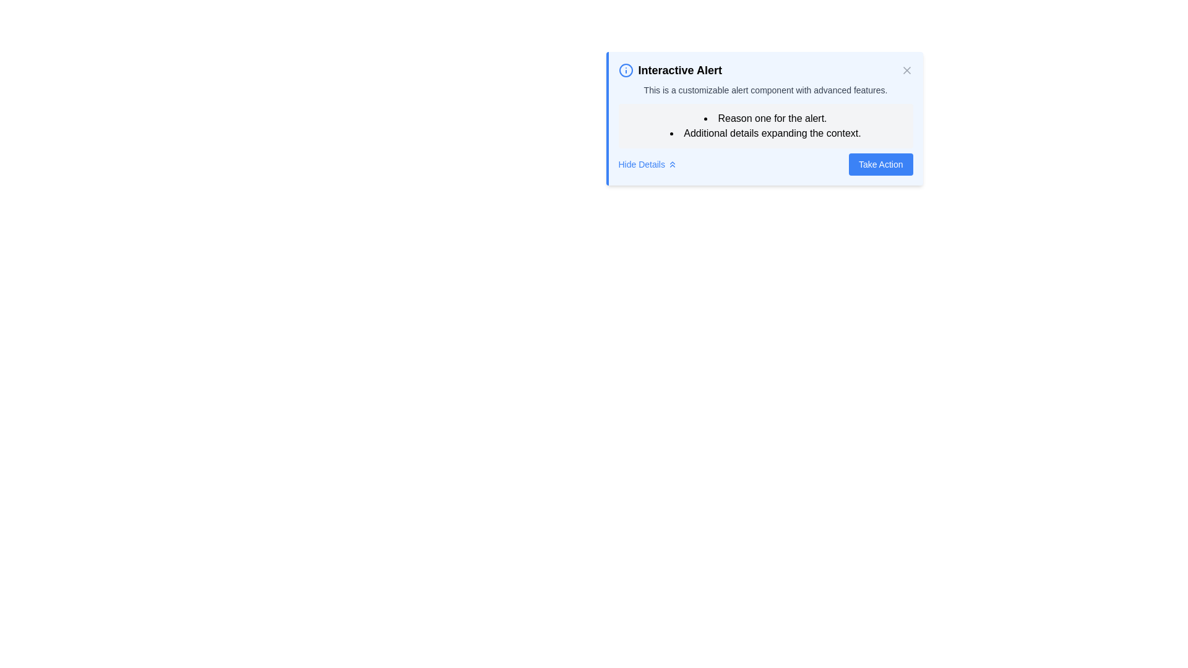  I want to click on the decorative circular element of the information icon located at the top-left corner of the alert component, next to the title 'Interactive Alert', so click(626, 71).